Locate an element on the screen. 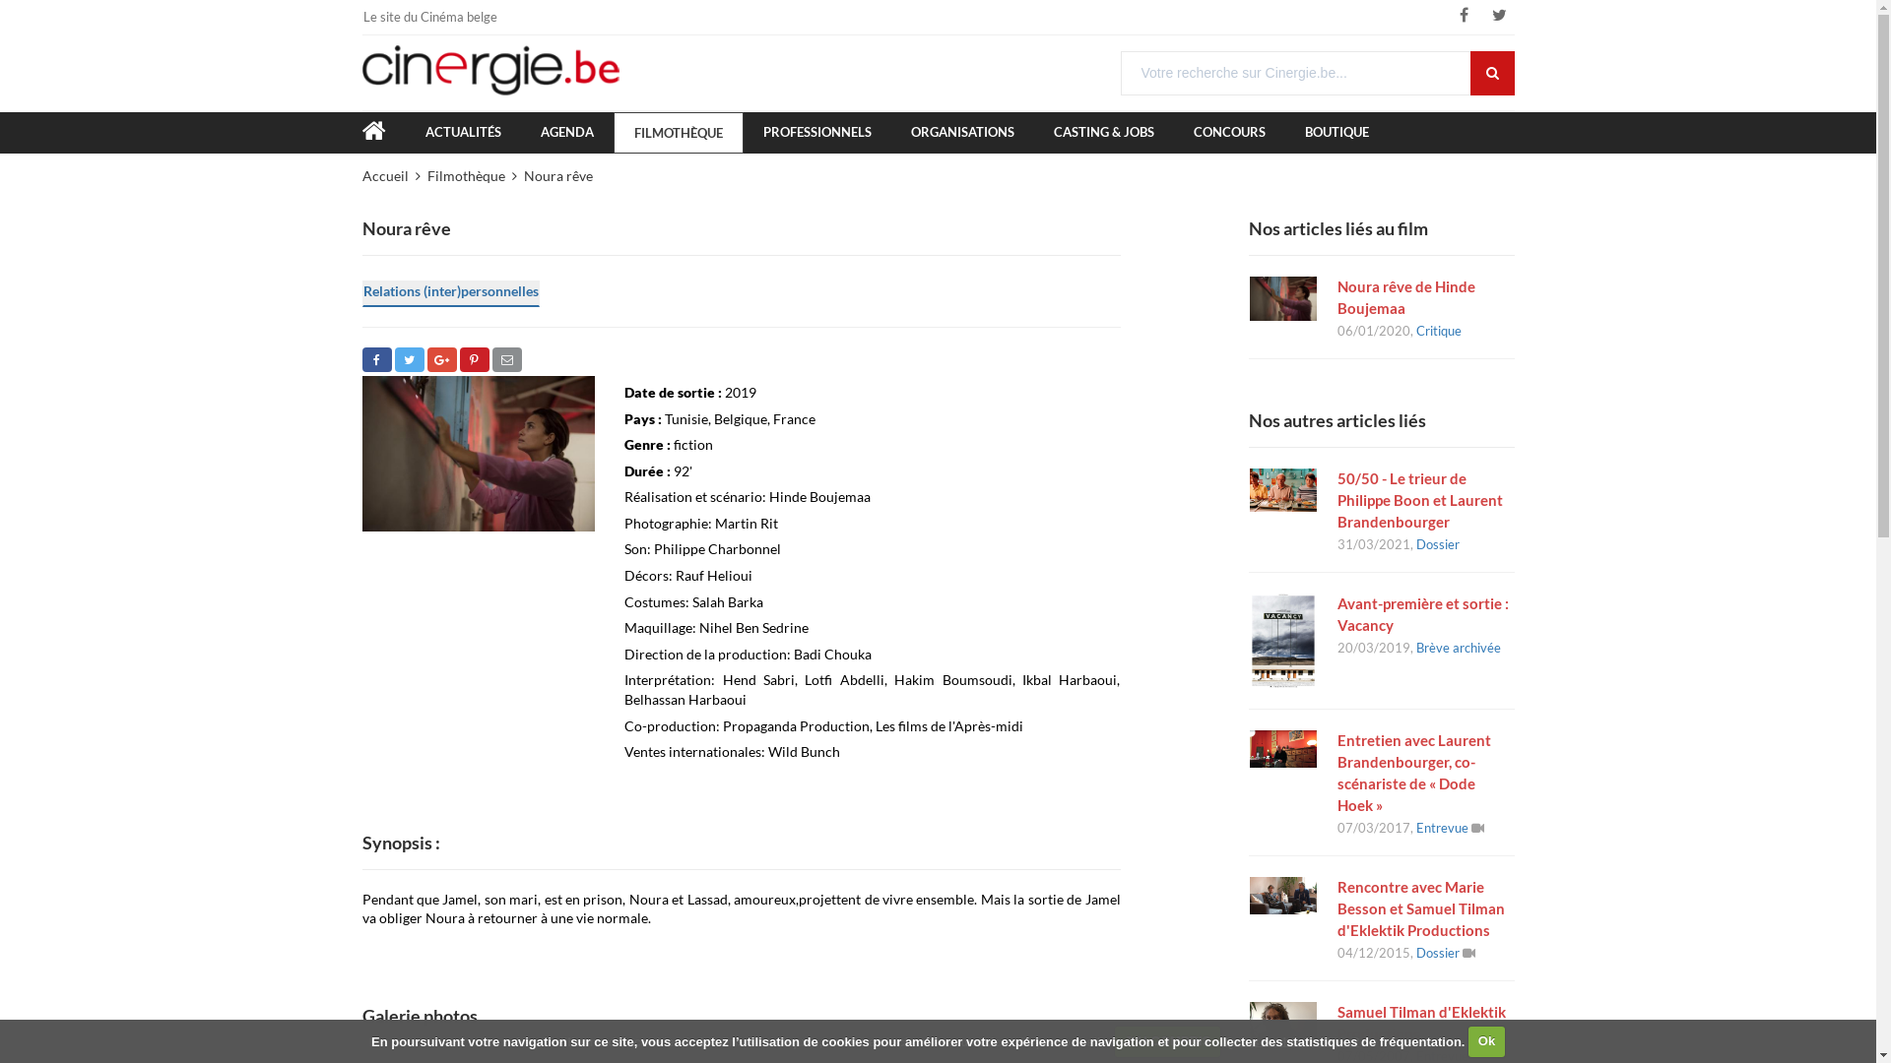 Image resolution: width=1891 pixels, height=1063 pixels. 'J'envoie' is located at coordinates (506, 359).